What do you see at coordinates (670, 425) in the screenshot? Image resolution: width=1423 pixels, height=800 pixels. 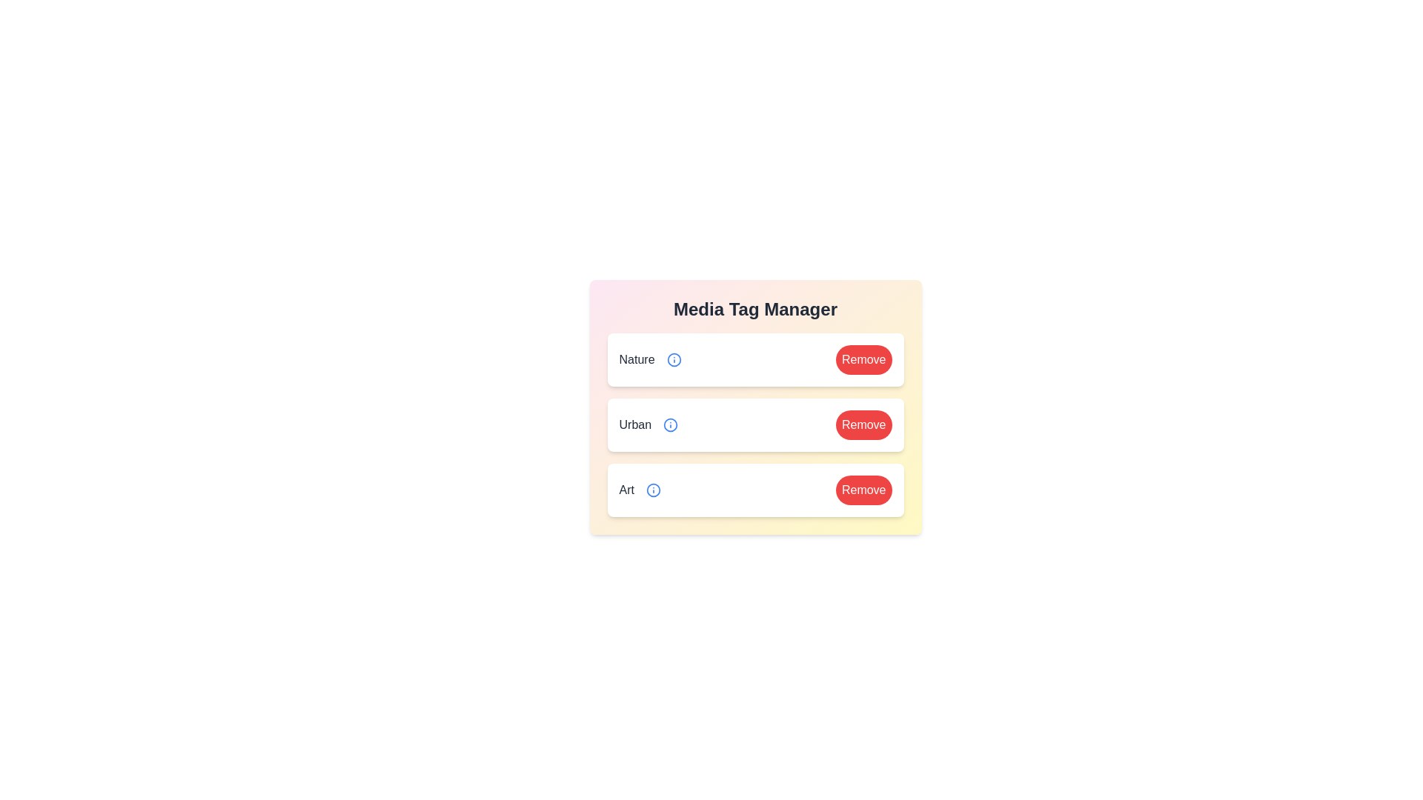 I see `the info icon for the tag Urban` at bounding box center [670, 425].